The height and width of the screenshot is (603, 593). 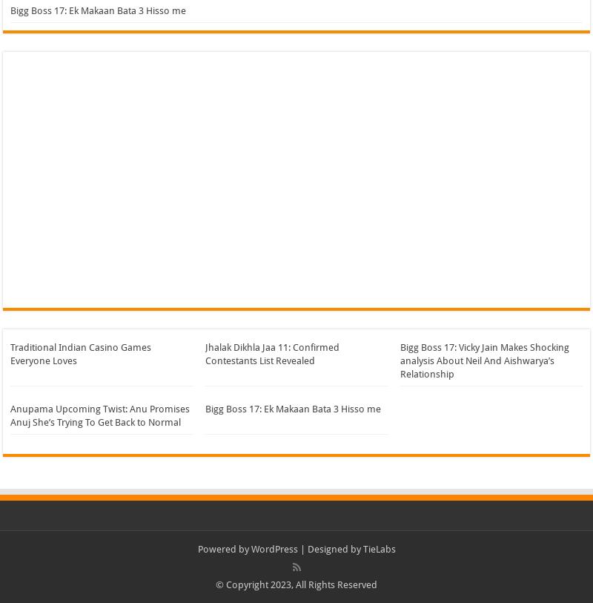 What do you see at coordinates (296, 584) in the screenshot?
I see `'© Copyright 2023, All Rights Reserved'` at bounding box center [296, 584].